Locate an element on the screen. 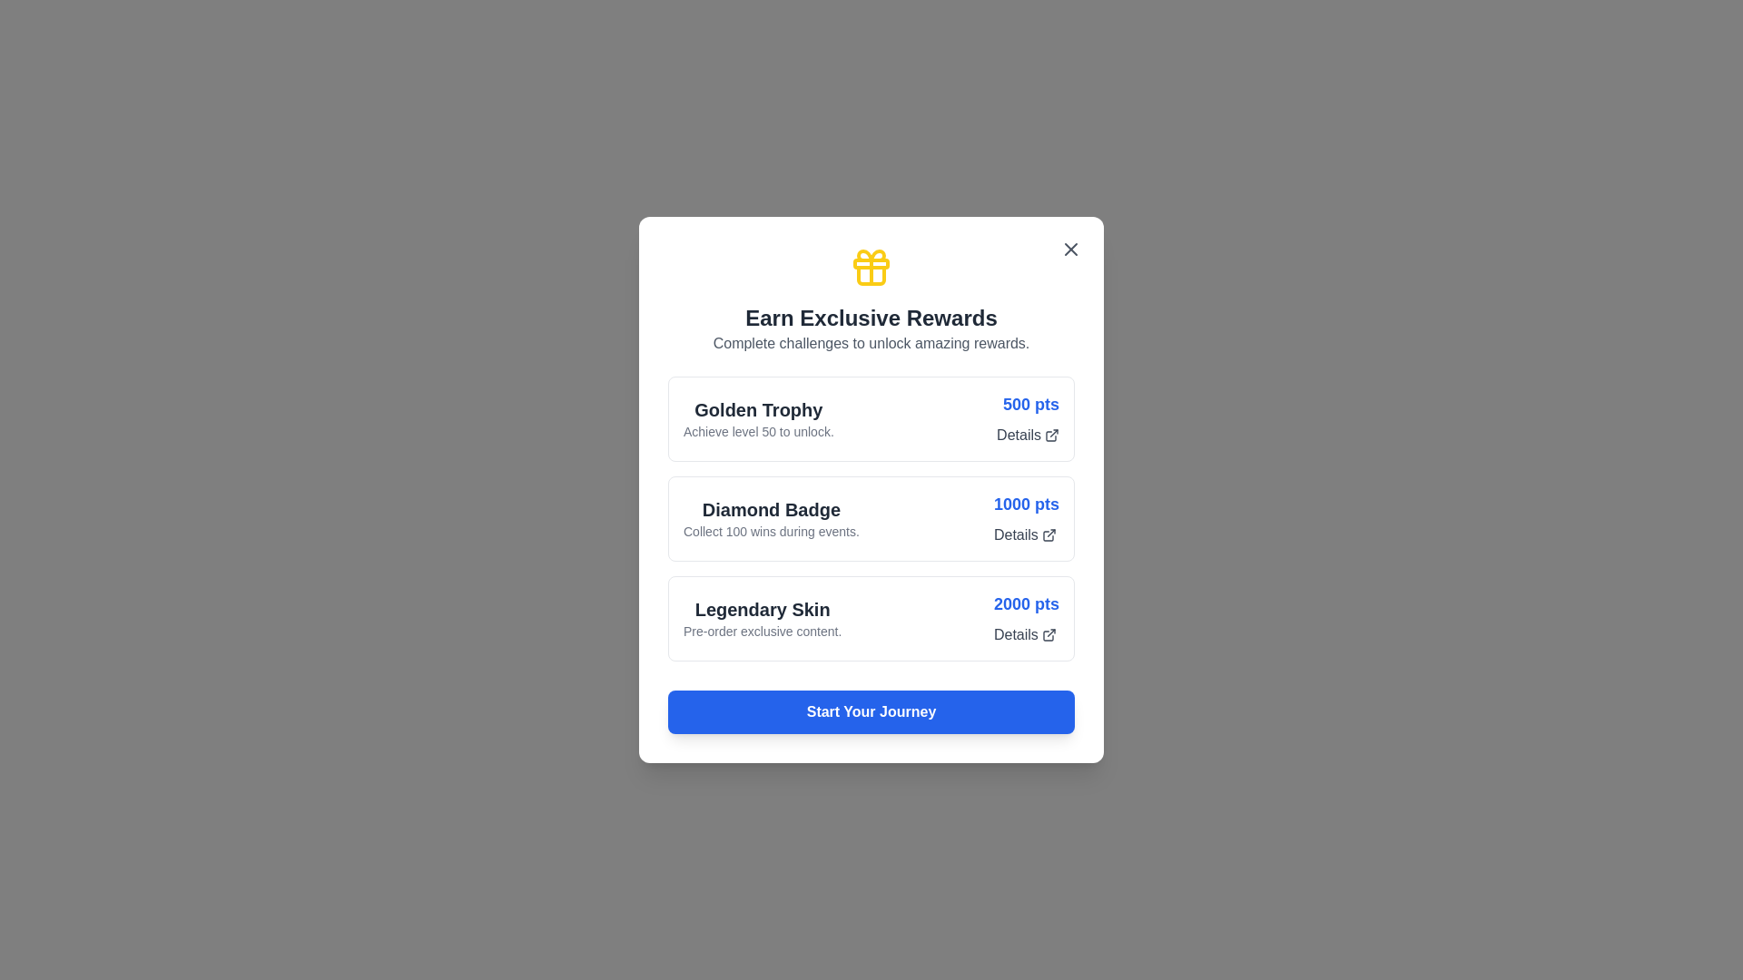  the 'Details' text in the reward card for 'Legendary Skin' to underline it is located at coordinates (1027, 618).